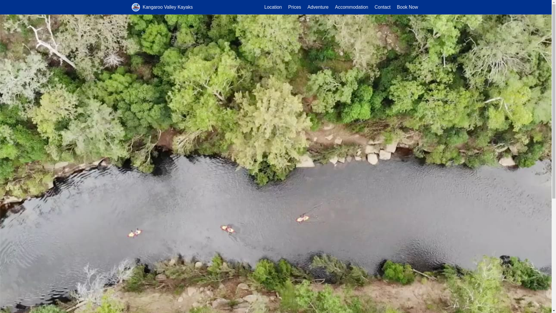 This screenshot has width=556, height=313. Describe the element at coordinates (167, 7) in the screenshot. I see `'Kangaroo Valley Kayaks'` at that location.